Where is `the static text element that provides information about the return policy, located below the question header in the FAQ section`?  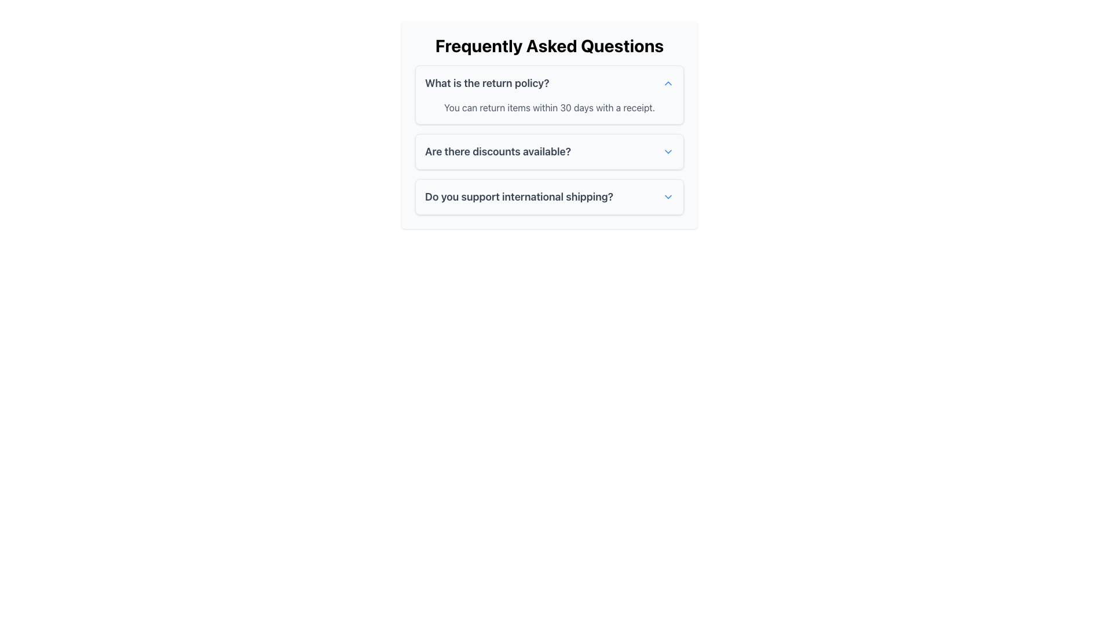 the static text element that provides information about the return policy, located below the question header in the FAQ section is located at coordinates (549, 107).